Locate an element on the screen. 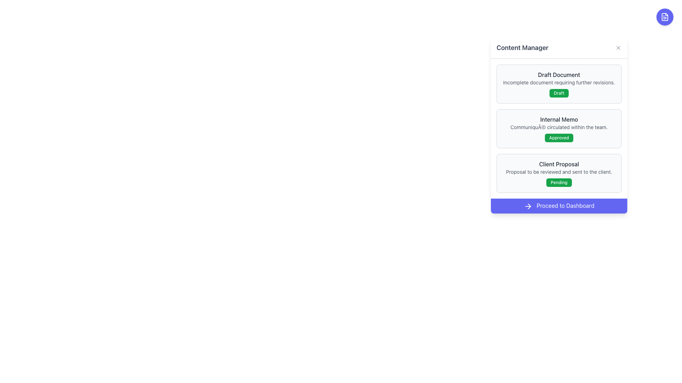 This screenshot has width=682, height=383. text content of the Status Label, which indicates the document is in a 'Draft' state. This label is located within the 'Draft Document' section of the 'Content Manager' box, below the text 'Incomplete document requiring further revisions.' is located at coordinates (559, 93).